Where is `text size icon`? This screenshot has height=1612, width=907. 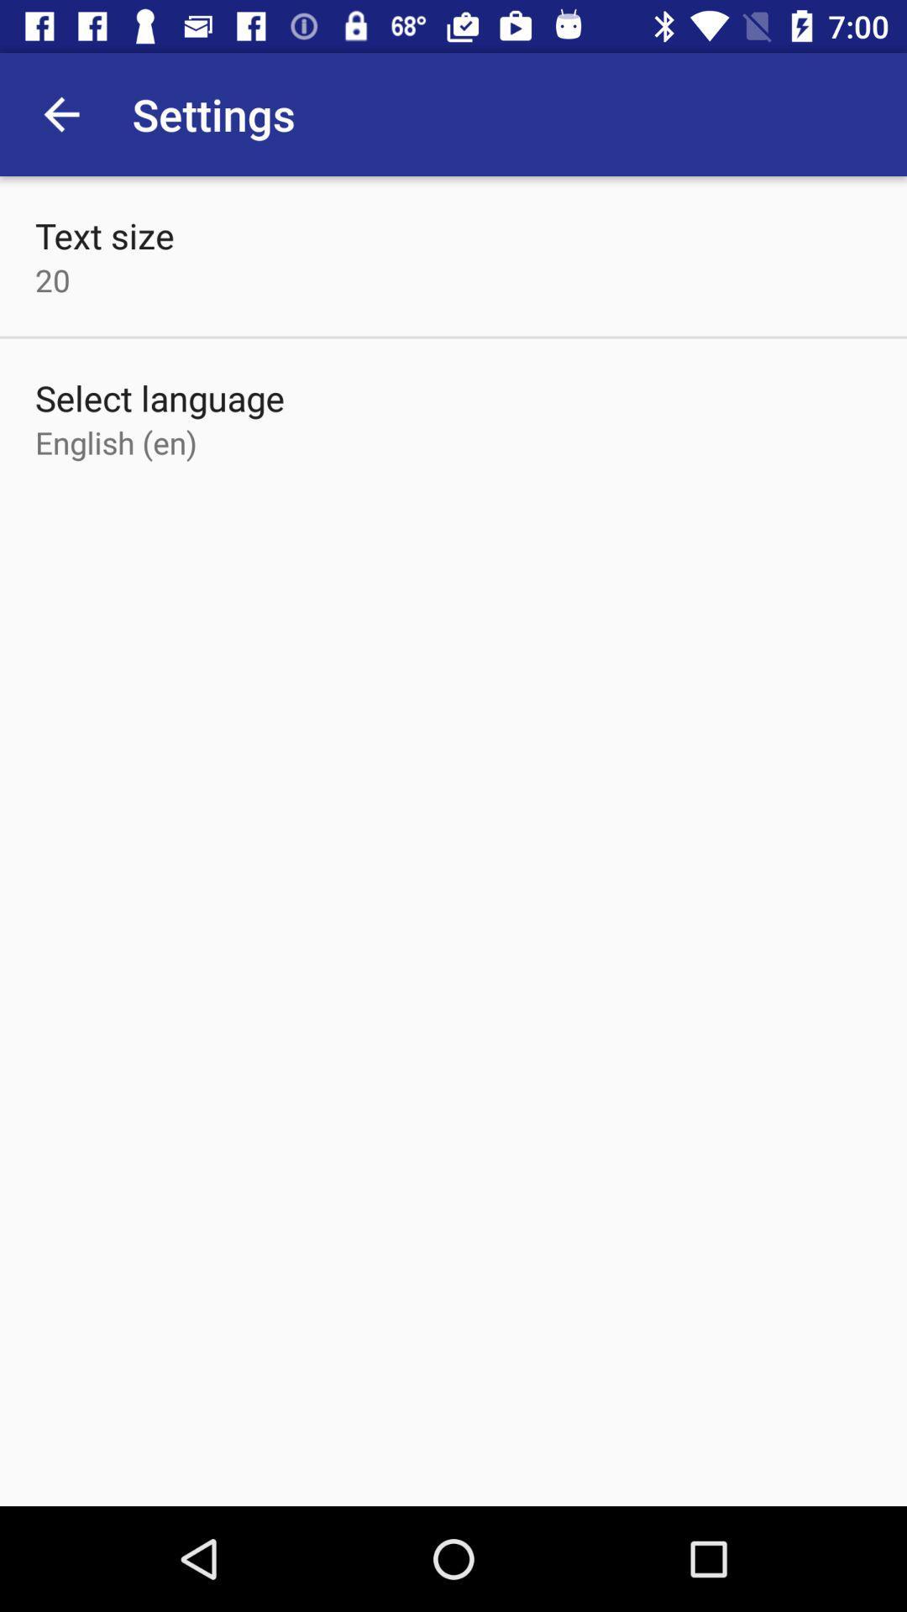 text size icon is located at coordinates (104, 234).